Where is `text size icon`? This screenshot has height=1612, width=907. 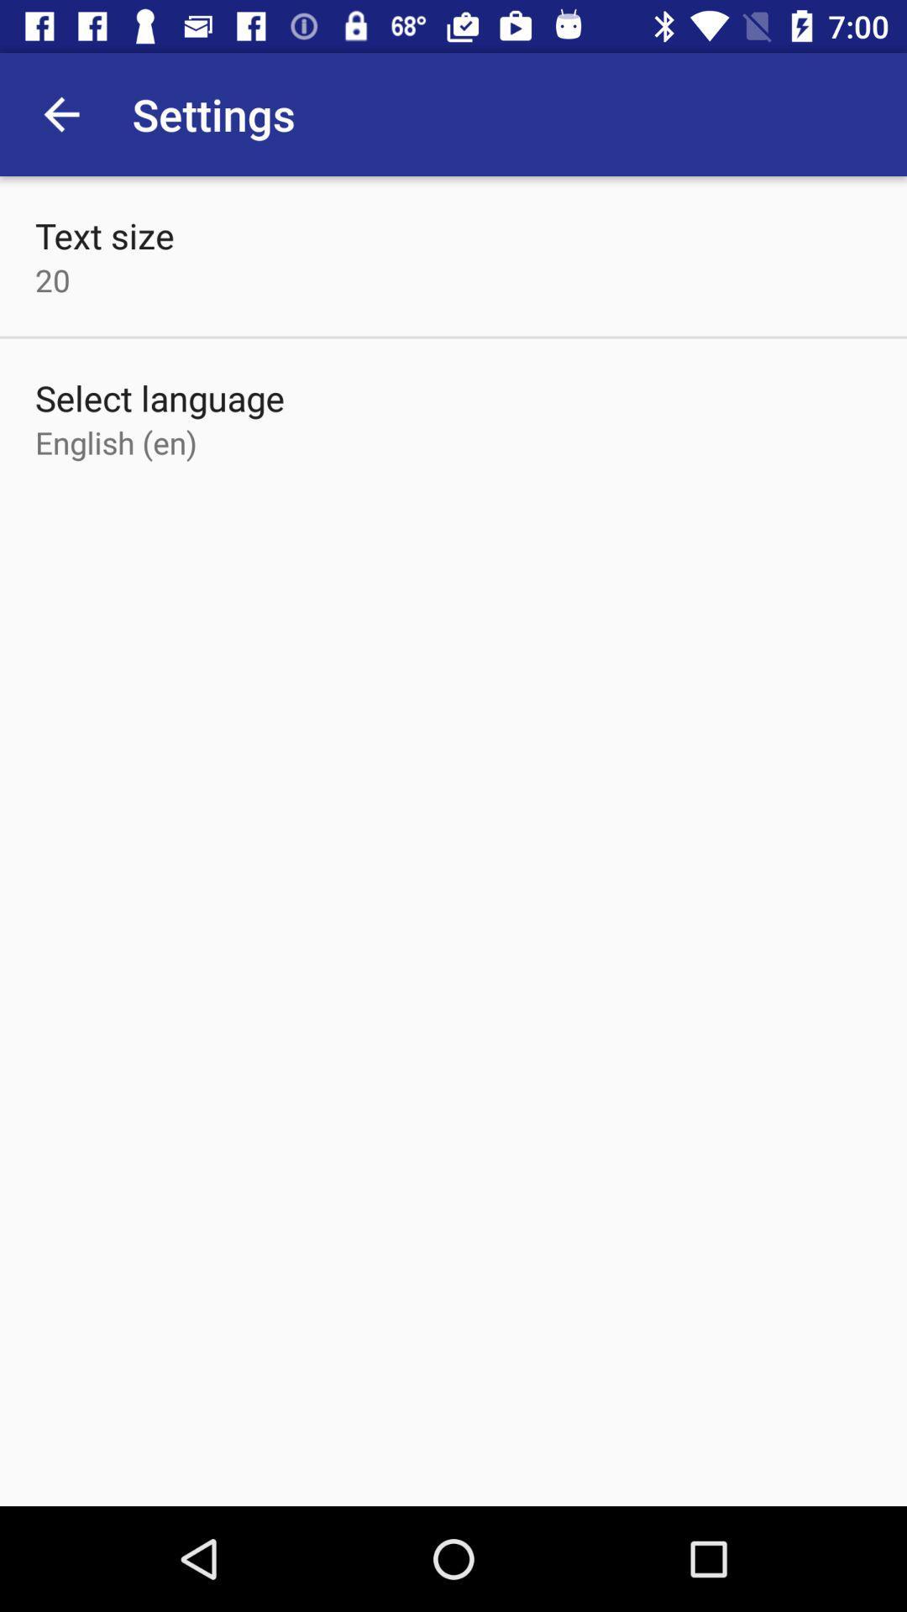 text size icon is located at coordinates (104, 234).